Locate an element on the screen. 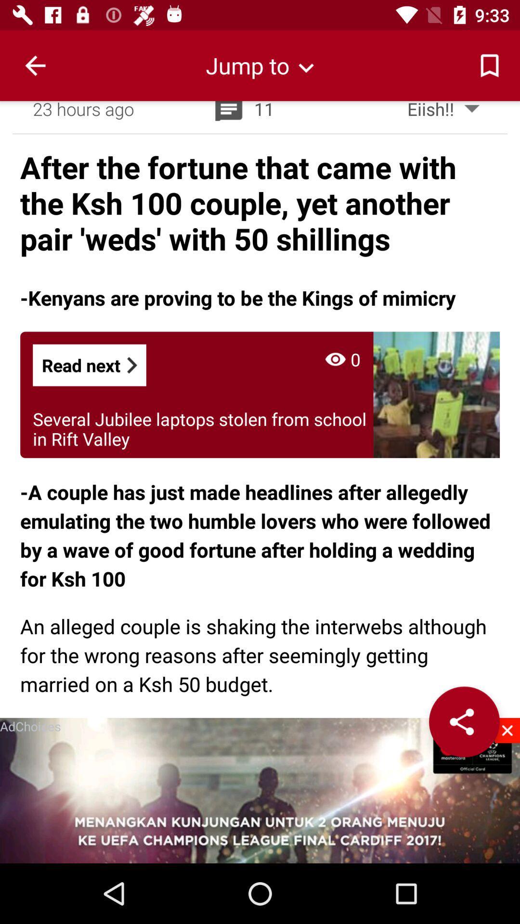 This screenshot has height=924, width=520. the an alleged couple is located at coordinates (260, 654).